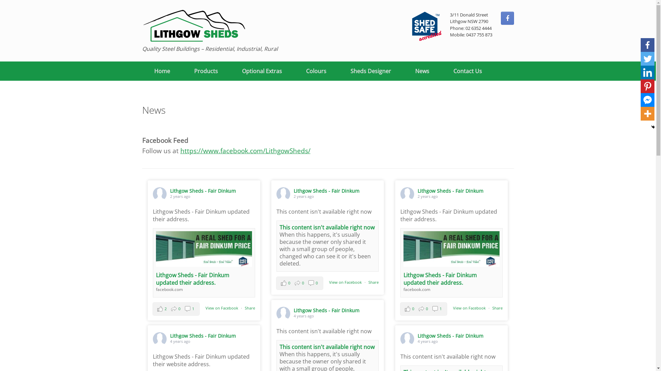 The height and width of the screenshot is (371, 661). I want to click on 'Twitter', so click(647, 58).